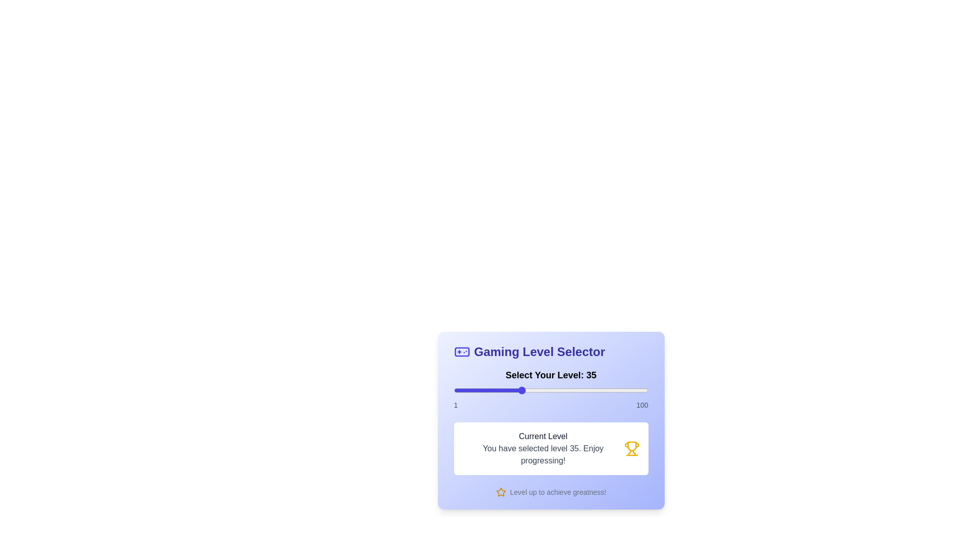 The width and height of the screenshot is (972, 547). I want to click on the range slider track located below the title 'Select Your Level: 35' to reposition the thumb, so click(550, 390).